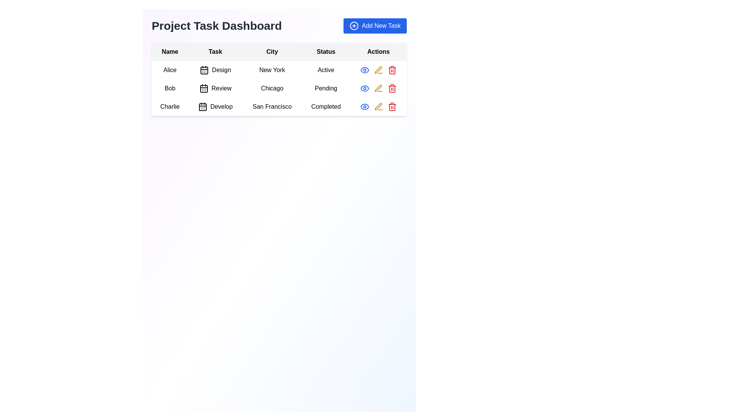 The image size is (732, 412). I want to click on the blue eye icon representing the 'View' action in the 'Actions' column of the third row for 'Charlie', so click(364, 107).